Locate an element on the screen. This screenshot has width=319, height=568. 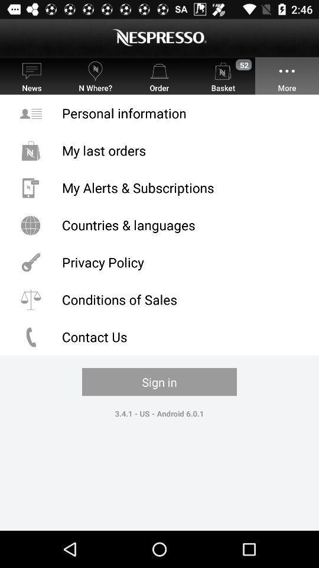
my last orders is located at coordinates (159, 150).